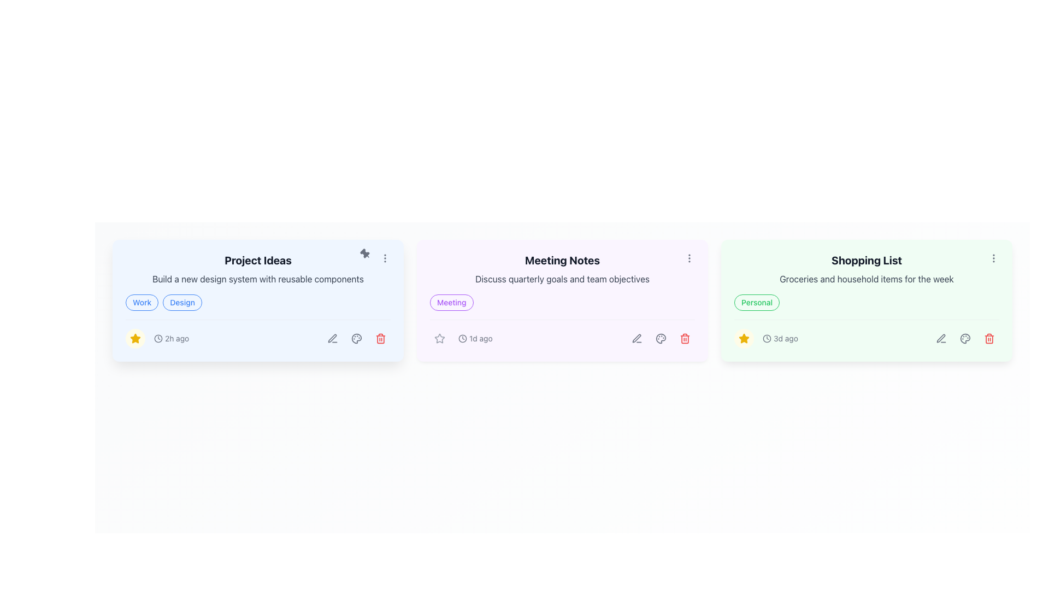 The width and height of the screenshot is (1049, 590). I want to click on text '2h ago' from the timestamp indicator located at the bottom-left corner of the 'Project Ideas' card, which includes icon representations for importance and time, so click(157, 338).